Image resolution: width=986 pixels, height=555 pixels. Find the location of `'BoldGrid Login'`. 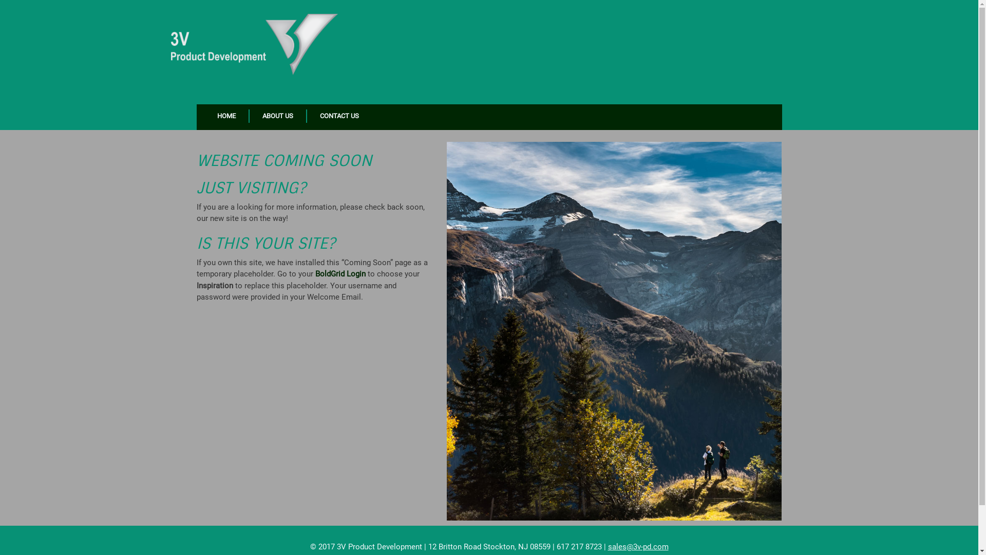

'BoldGrid Login' is located at coordinates (340, 273).